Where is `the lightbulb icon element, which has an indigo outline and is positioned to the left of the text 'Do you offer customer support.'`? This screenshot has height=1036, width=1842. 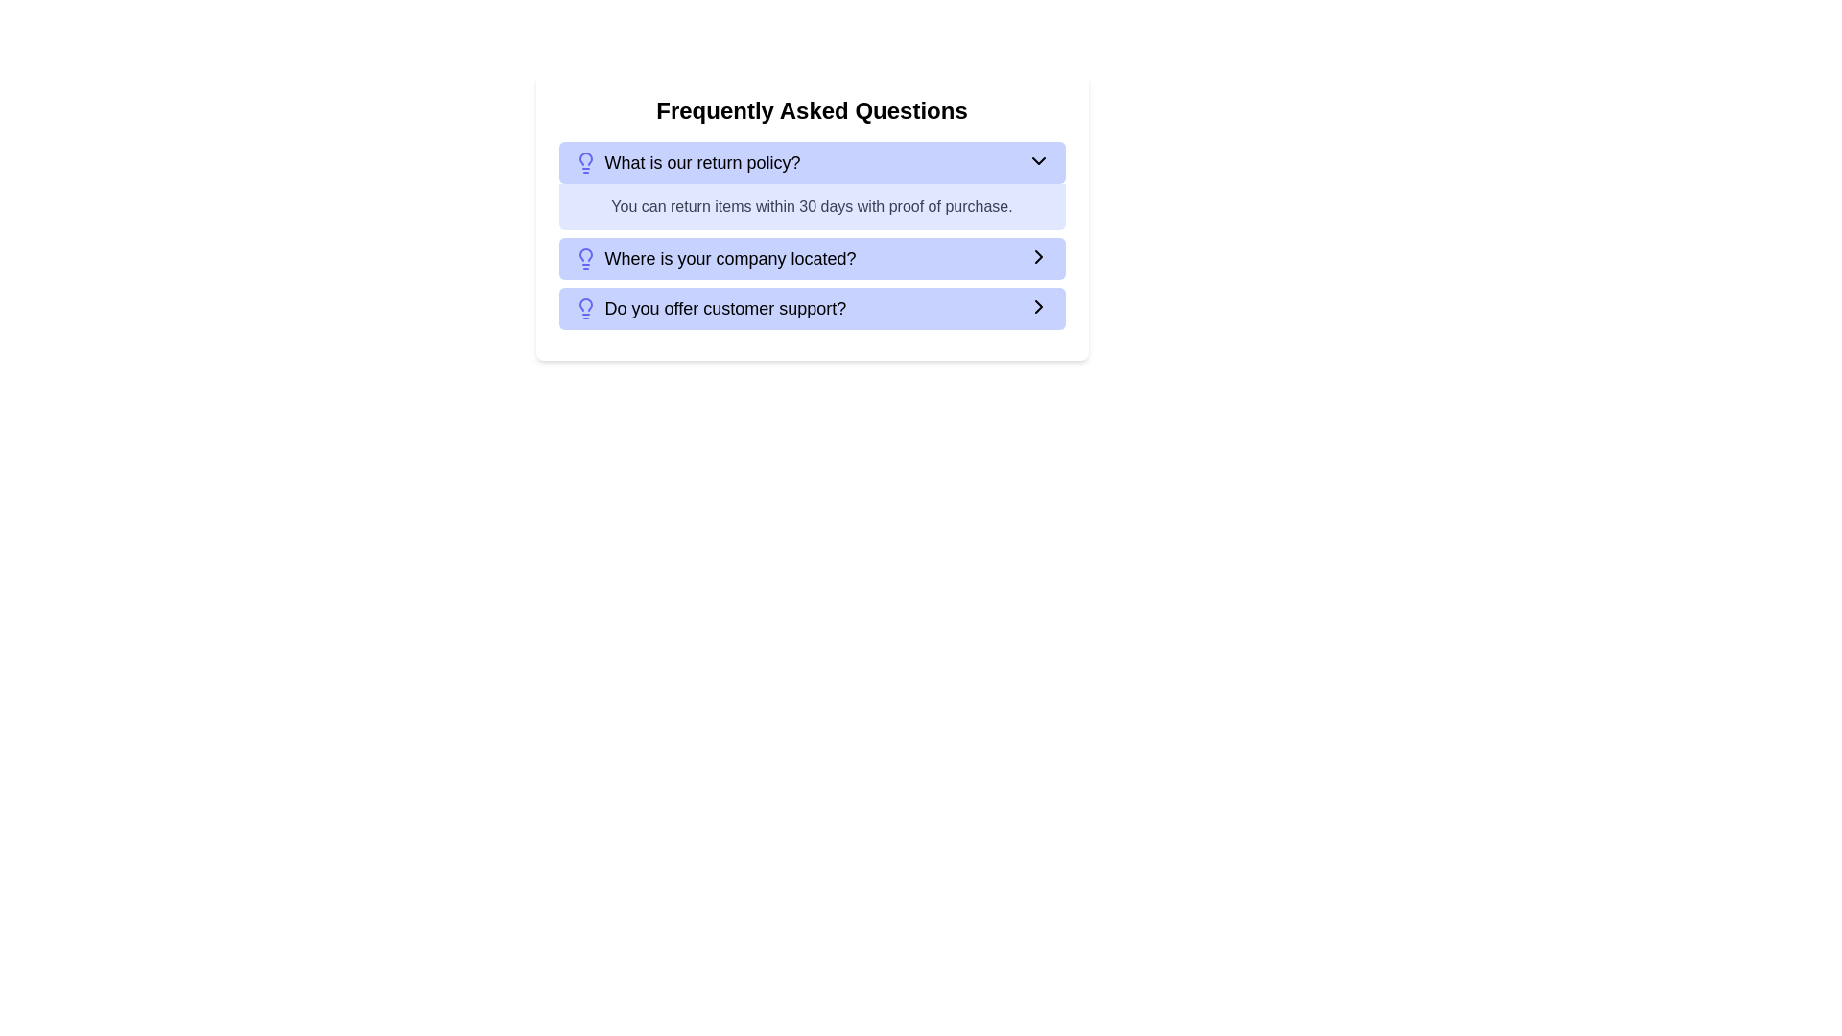
the lightbulb icon element, which has an indigo outline and is positioned to the left of the text 'Do you offer customer support.' is located at coordinates (584, 307).